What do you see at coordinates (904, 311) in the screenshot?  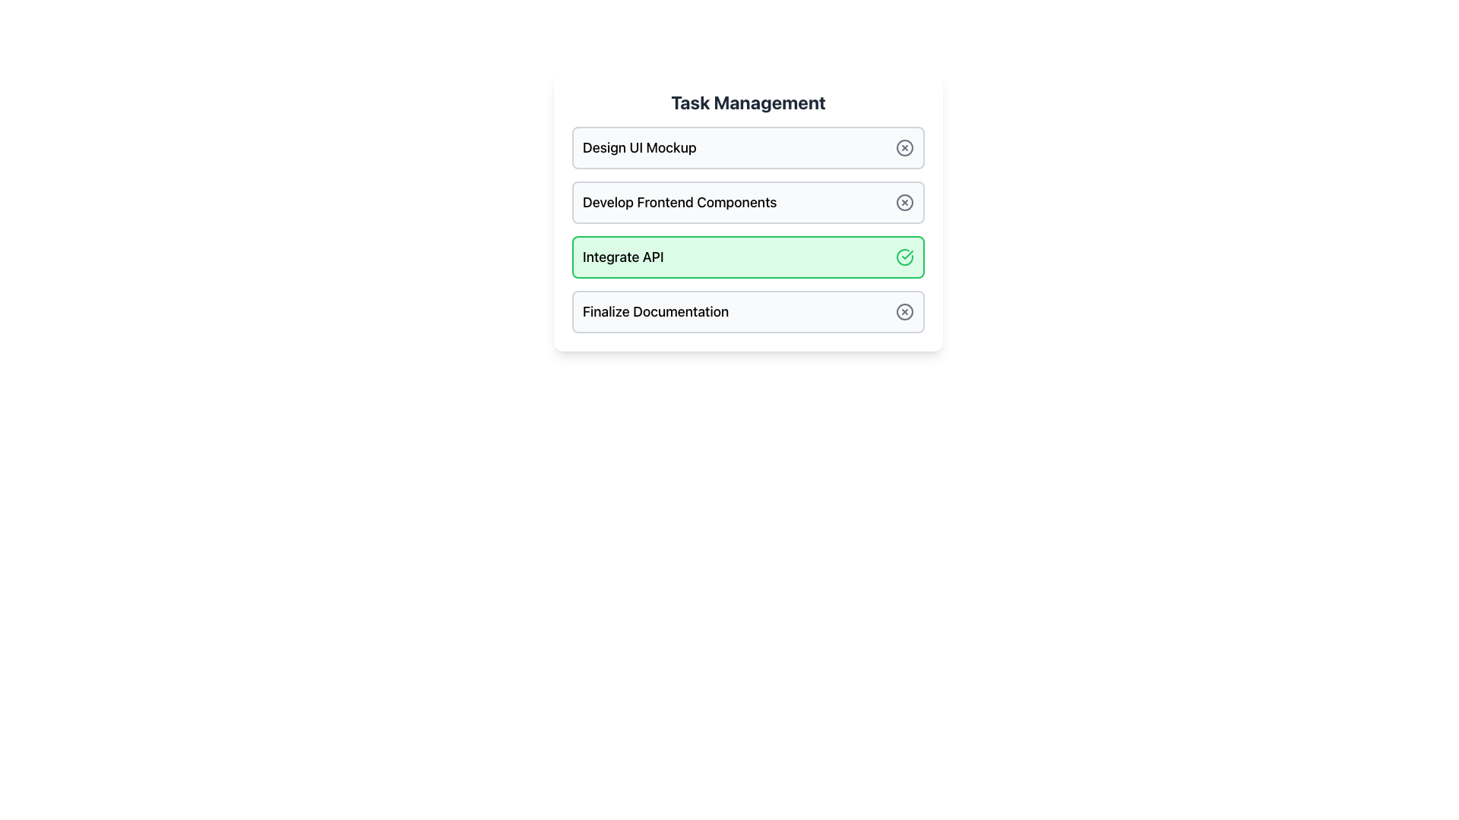 I see `the cancel button located at the right end of the 'Finalize Documentation' task row in the task management list` at bounding box center [904, 311].